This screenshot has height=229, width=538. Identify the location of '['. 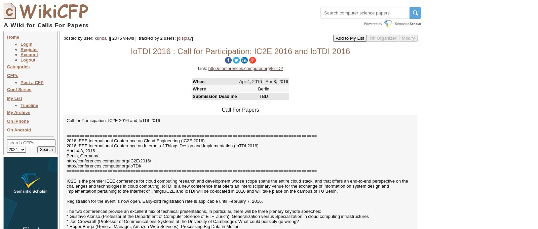
(177, 38).